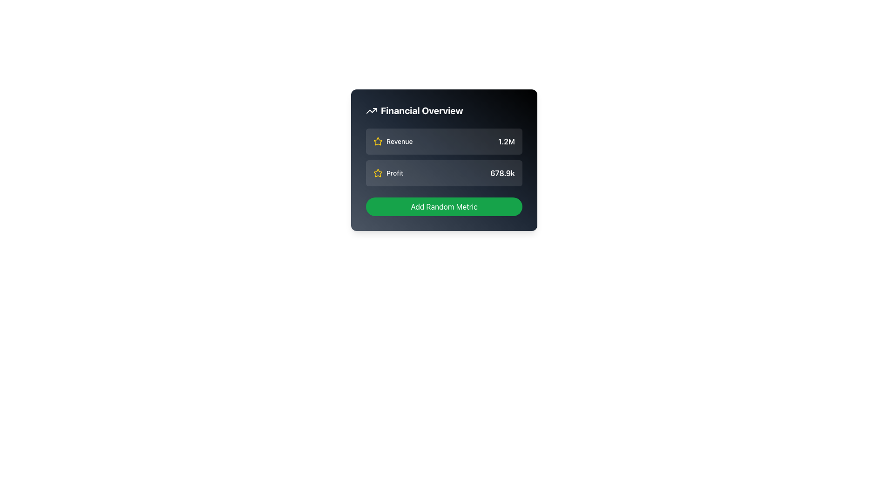 The height and width of the screenshot is (503, 894). What do you see at coordinates (395, 173) in the screenshot?
I see `the Static text label containing the word 'Profit', which is styled with a small font size and medium weight, located within a darker background section, adjacent to a star icon` at bounding box center [395, 173].